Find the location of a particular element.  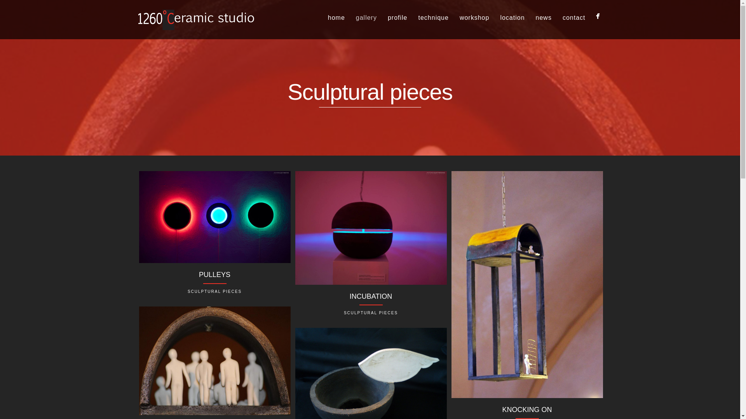

'location' is located at coordinates (512, 17).